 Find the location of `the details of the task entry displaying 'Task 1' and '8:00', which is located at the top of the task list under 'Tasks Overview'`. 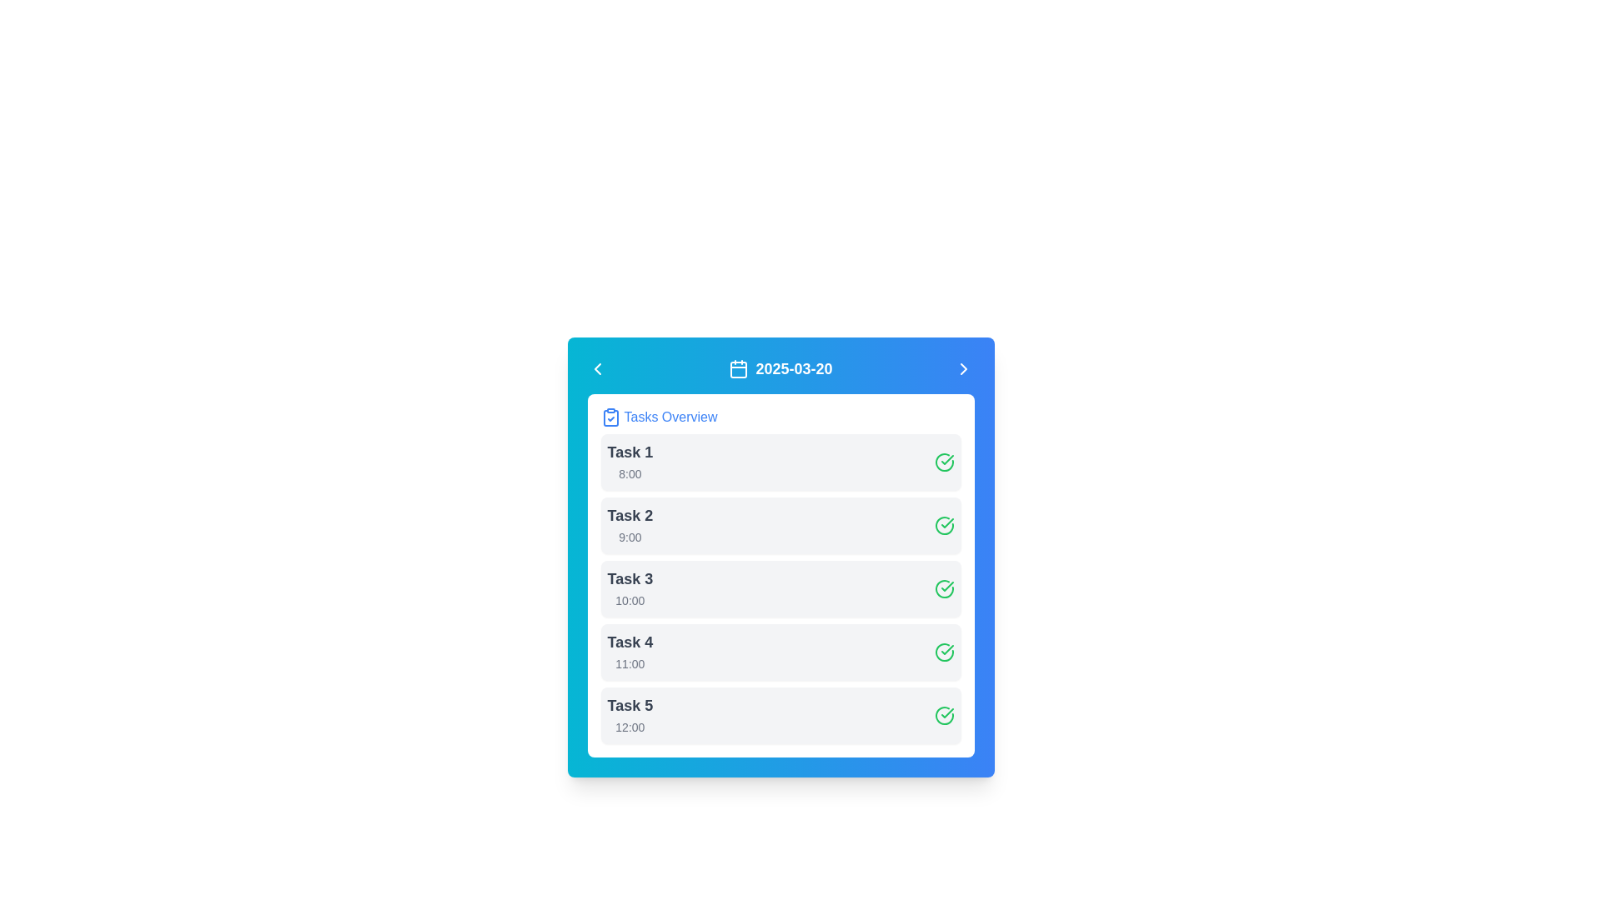

the details of the task entry displaying 'Task 1' and '8:00', which is located at the top of the task list under 'Tasks Overview' is located at coordinates (629, 462).